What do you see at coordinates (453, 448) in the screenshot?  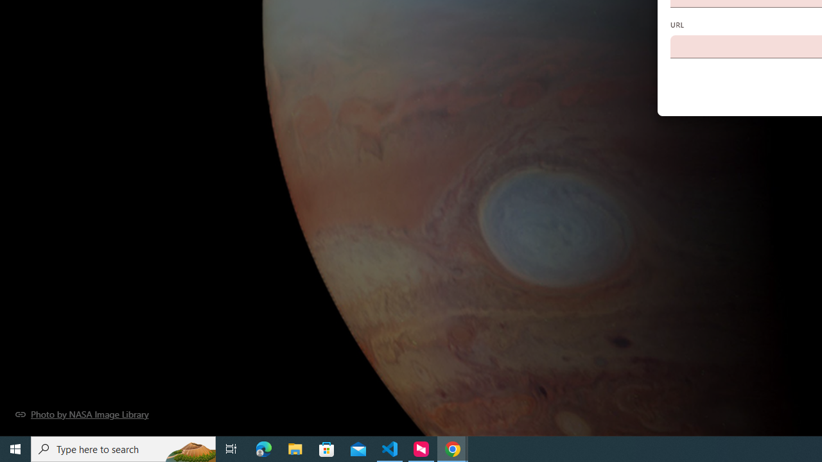 I see `'Google Chrome - 2 running windows'` at bounding box center [453, 448].